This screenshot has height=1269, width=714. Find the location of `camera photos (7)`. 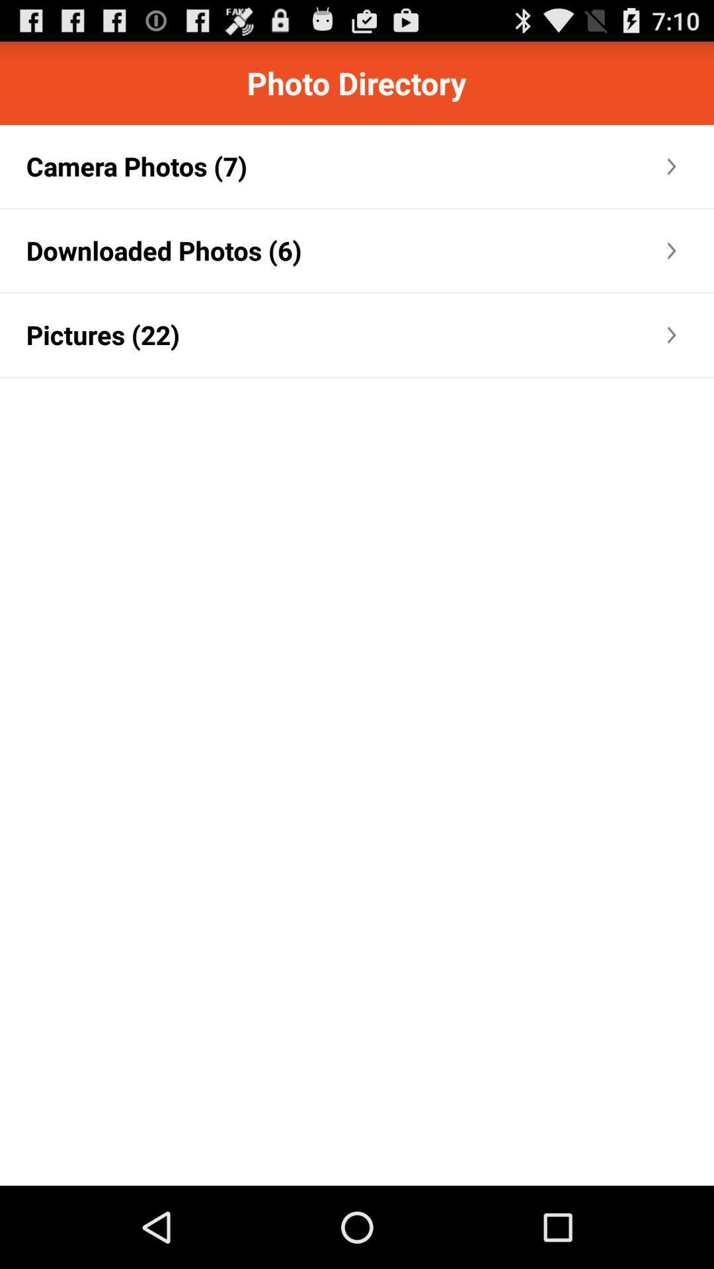

camera photos (7) is located at coordinates (137, 165).